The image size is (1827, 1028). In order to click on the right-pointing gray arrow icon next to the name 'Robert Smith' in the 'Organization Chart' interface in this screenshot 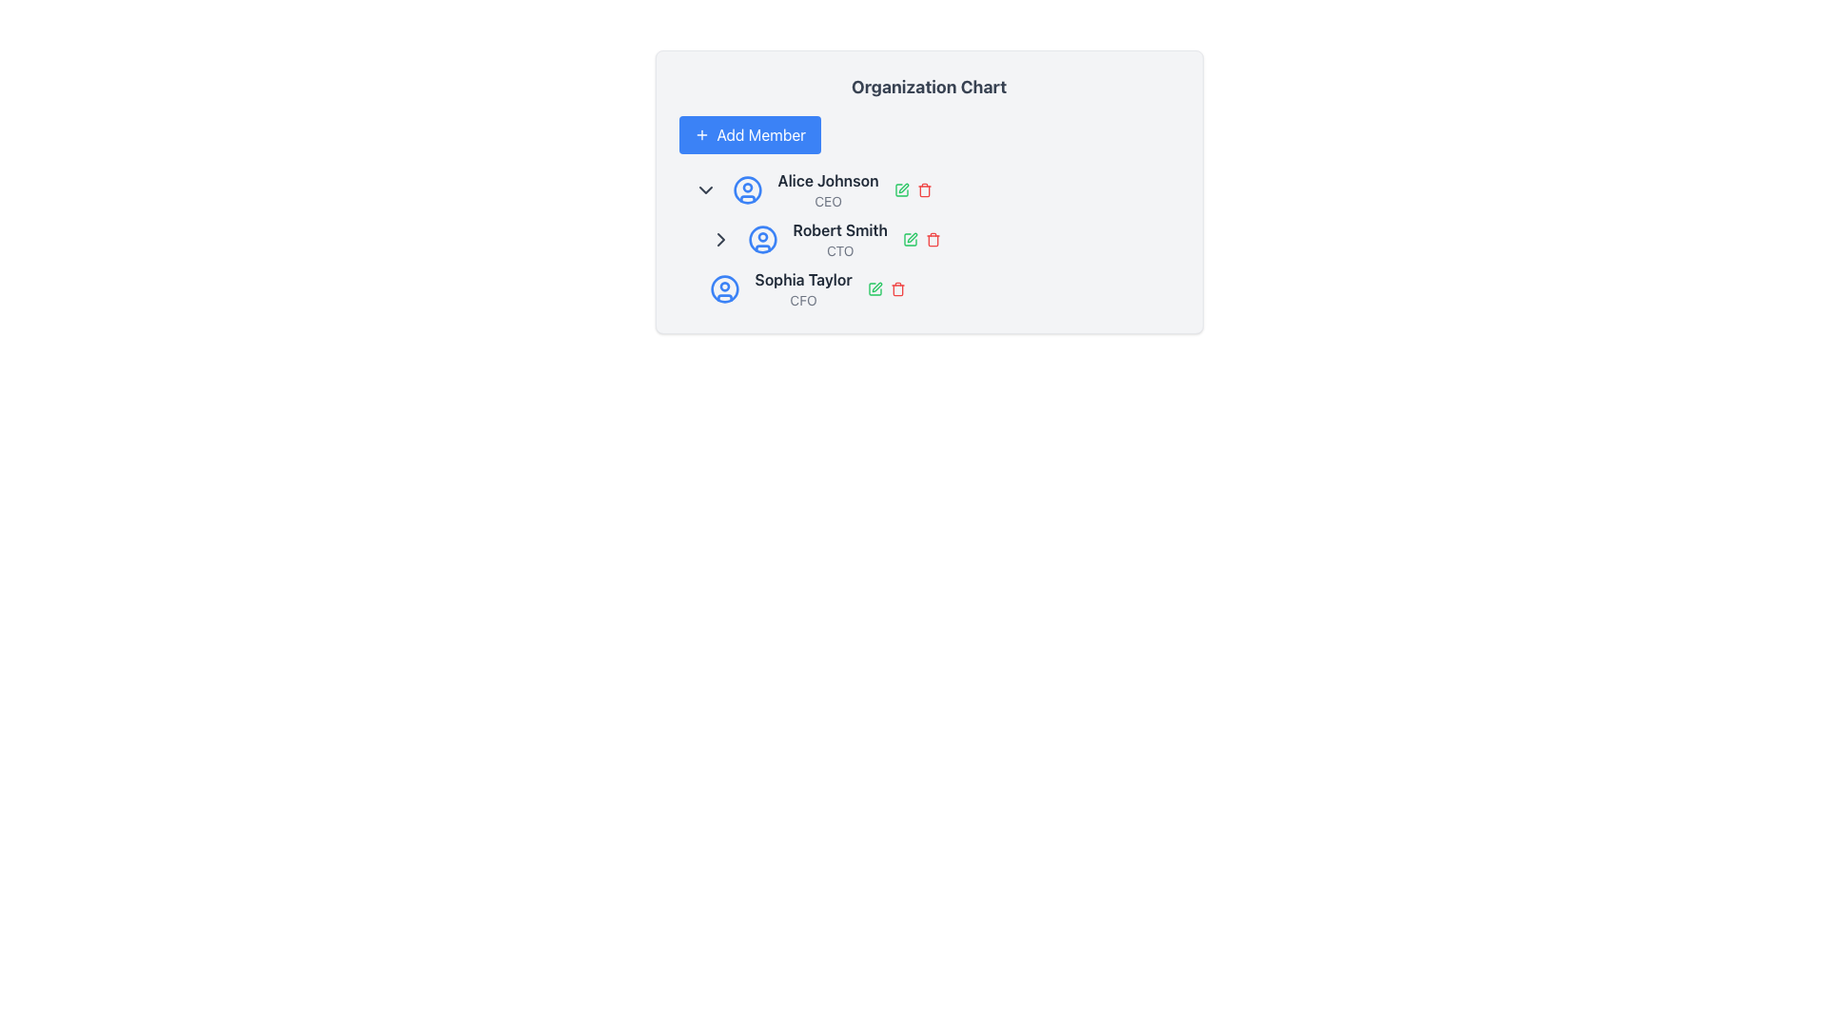, I will do `click(719, 238)`.